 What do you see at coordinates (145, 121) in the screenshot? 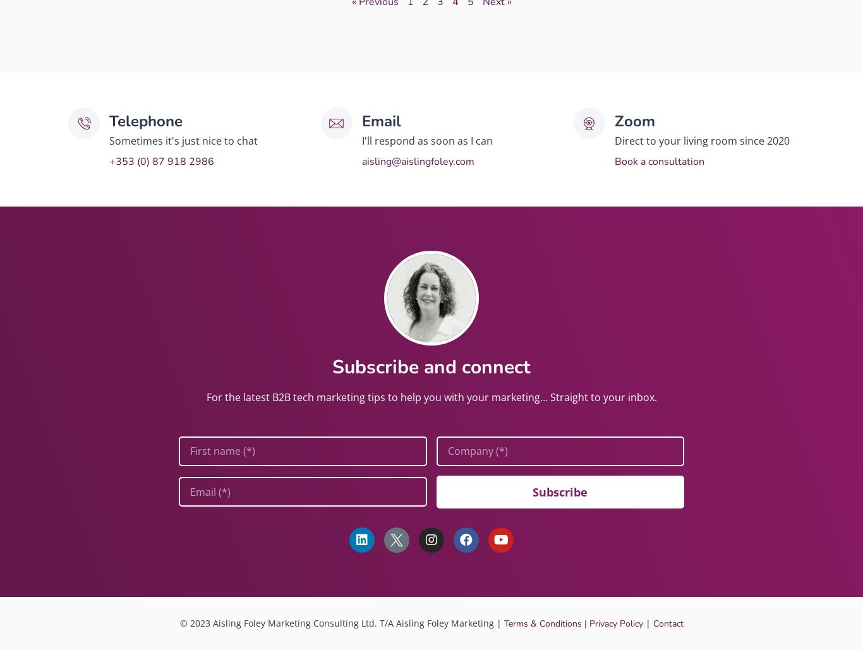
I see `'Telephone'` at bounding box center [145, 121].